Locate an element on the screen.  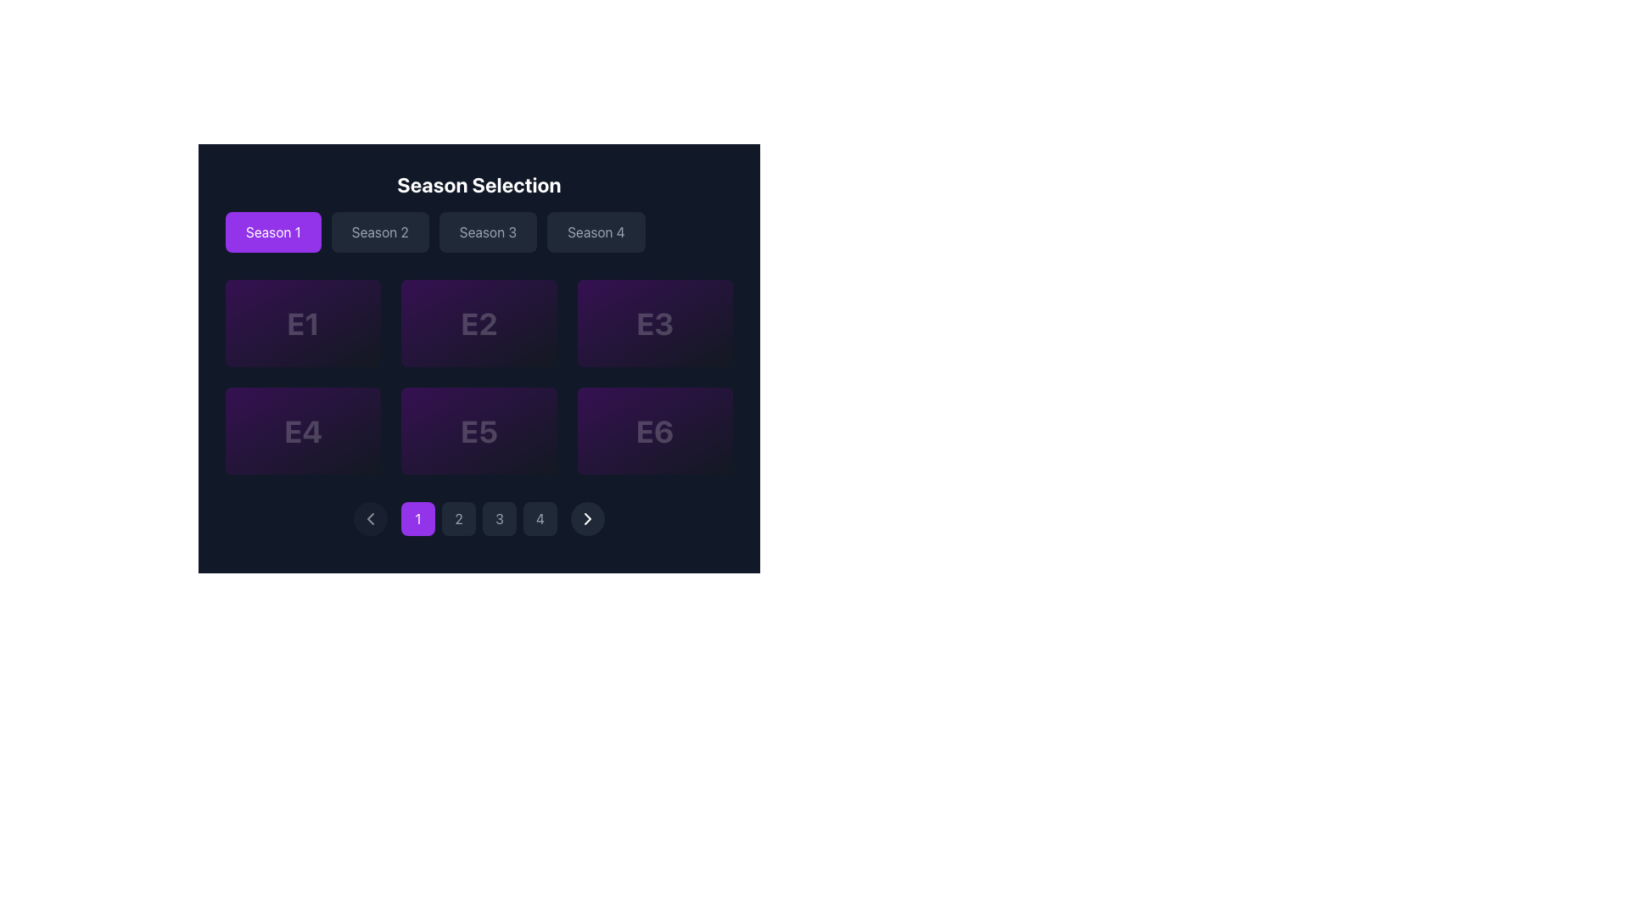
the text label 'E1' located in the top left corner of the grid layout is located at coordinates (303, 323).